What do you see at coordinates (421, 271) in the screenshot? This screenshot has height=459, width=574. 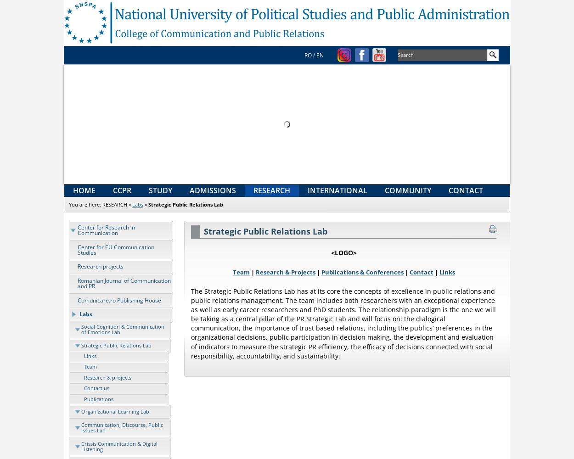 I see `'Contact'` at bounding box center [421, 271].